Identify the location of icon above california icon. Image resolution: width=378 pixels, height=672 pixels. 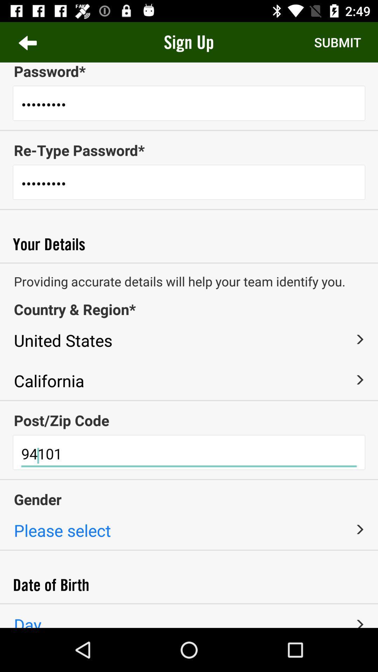
(359, 339).